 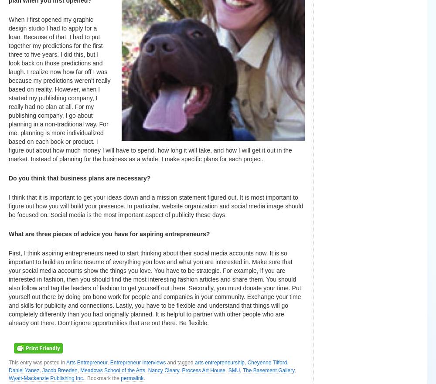 I want to click on 'I think that it is important to get your ideas down and a mission statement figured out. It is most important to figure out how you will build your presence. In particular, website organization and social media image should be focused on. Social media is the most important aspect of publicity these days.', so click(x=9, y=206).